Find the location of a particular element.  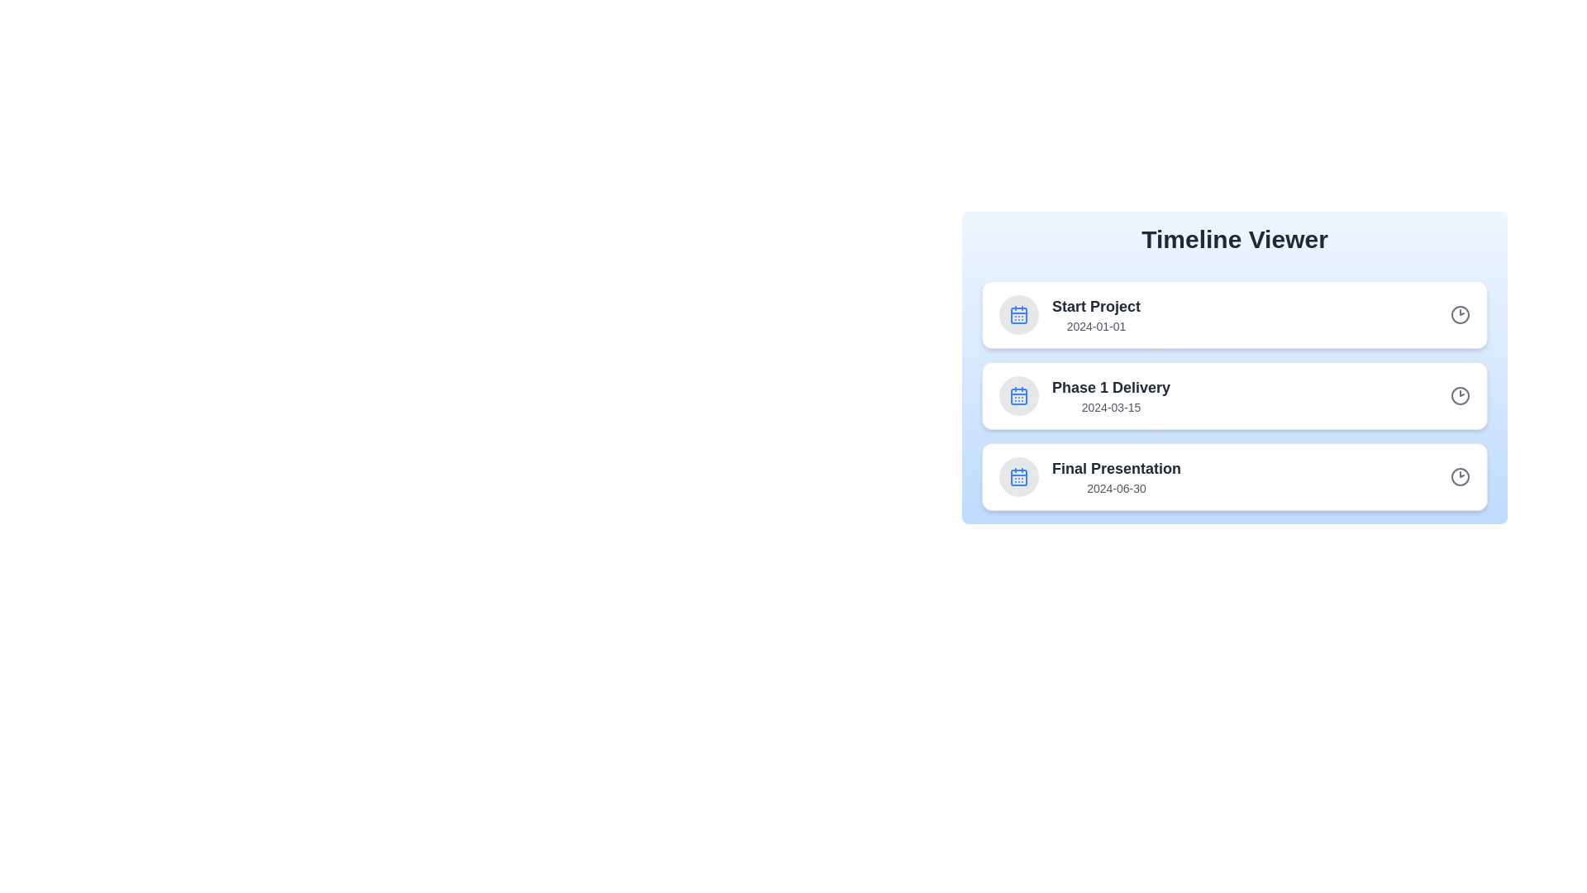

the calendar icon located on the left side of each list item in the 'Timeline Viewer' interface is located at coordinates (1018, 395).